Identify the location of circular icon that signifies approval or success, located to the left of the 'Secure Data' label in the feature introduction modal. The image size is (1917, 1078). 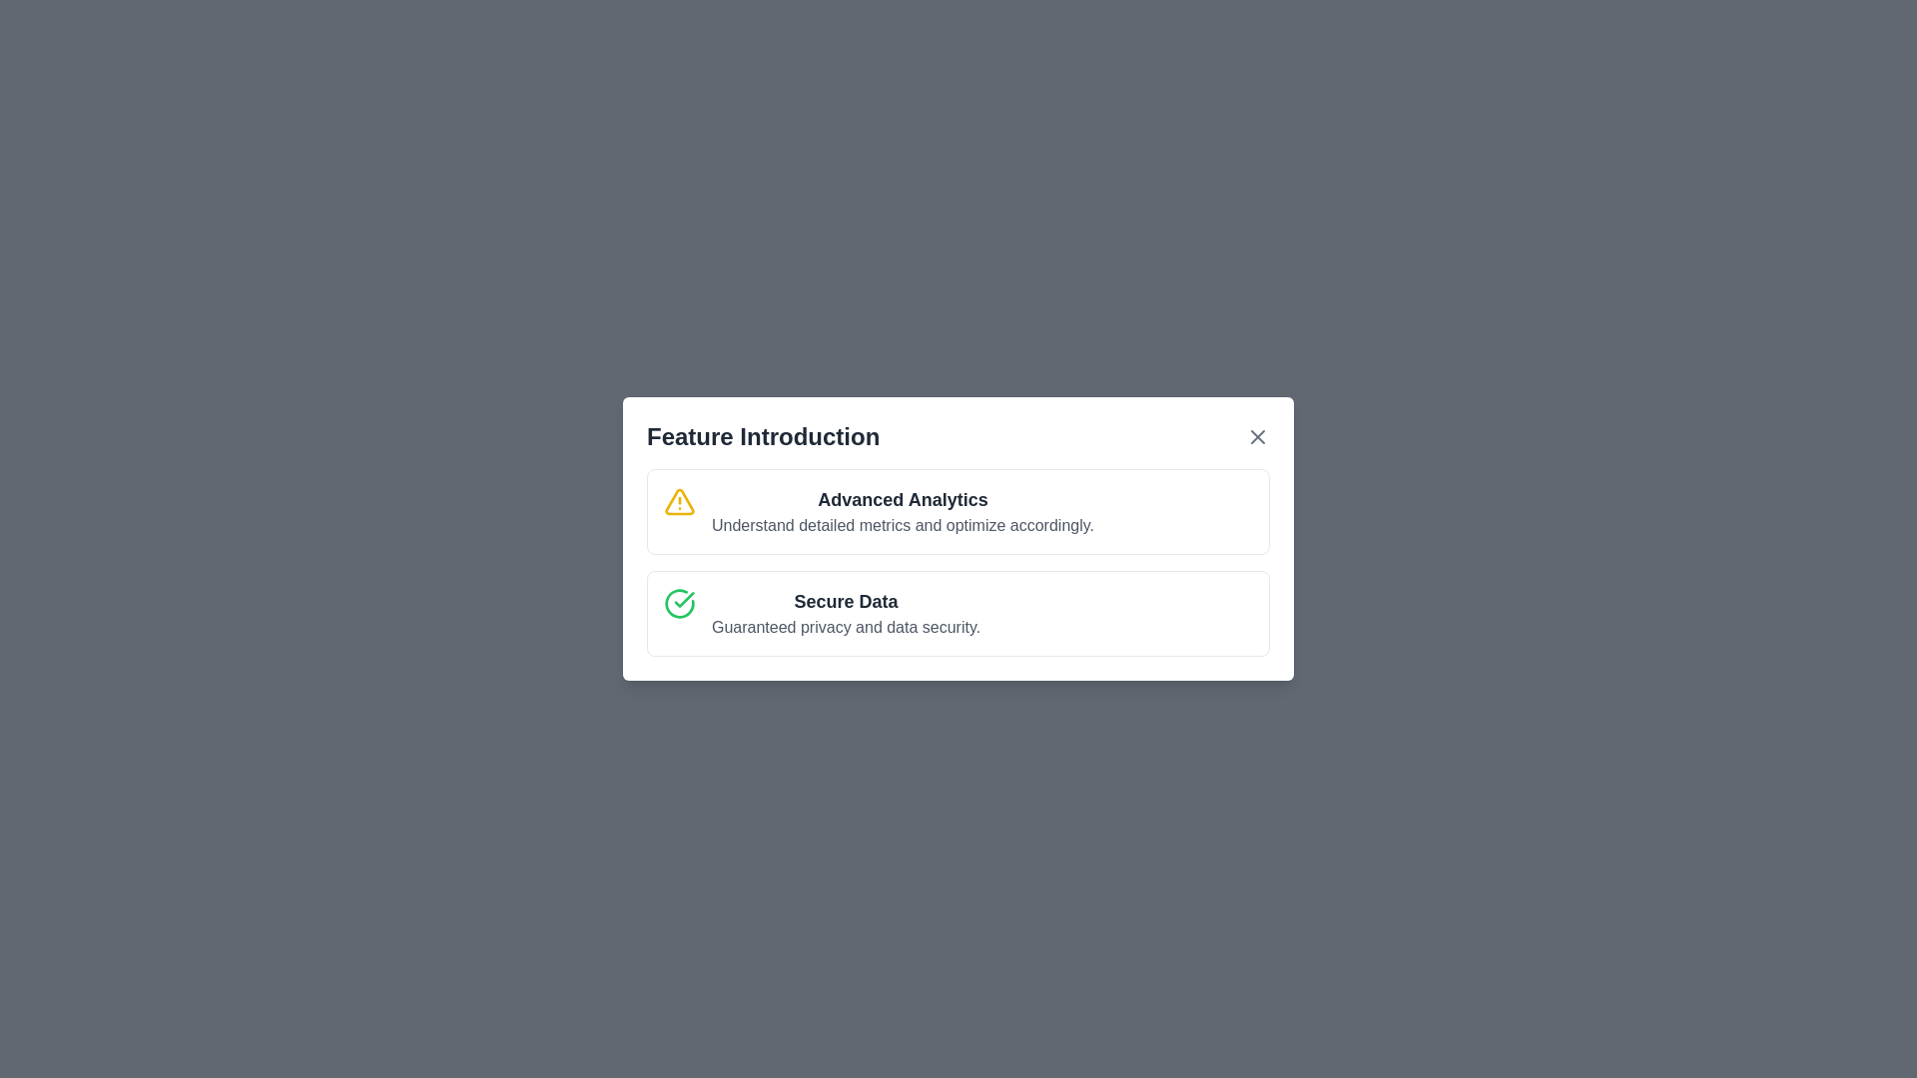
(684, 599).